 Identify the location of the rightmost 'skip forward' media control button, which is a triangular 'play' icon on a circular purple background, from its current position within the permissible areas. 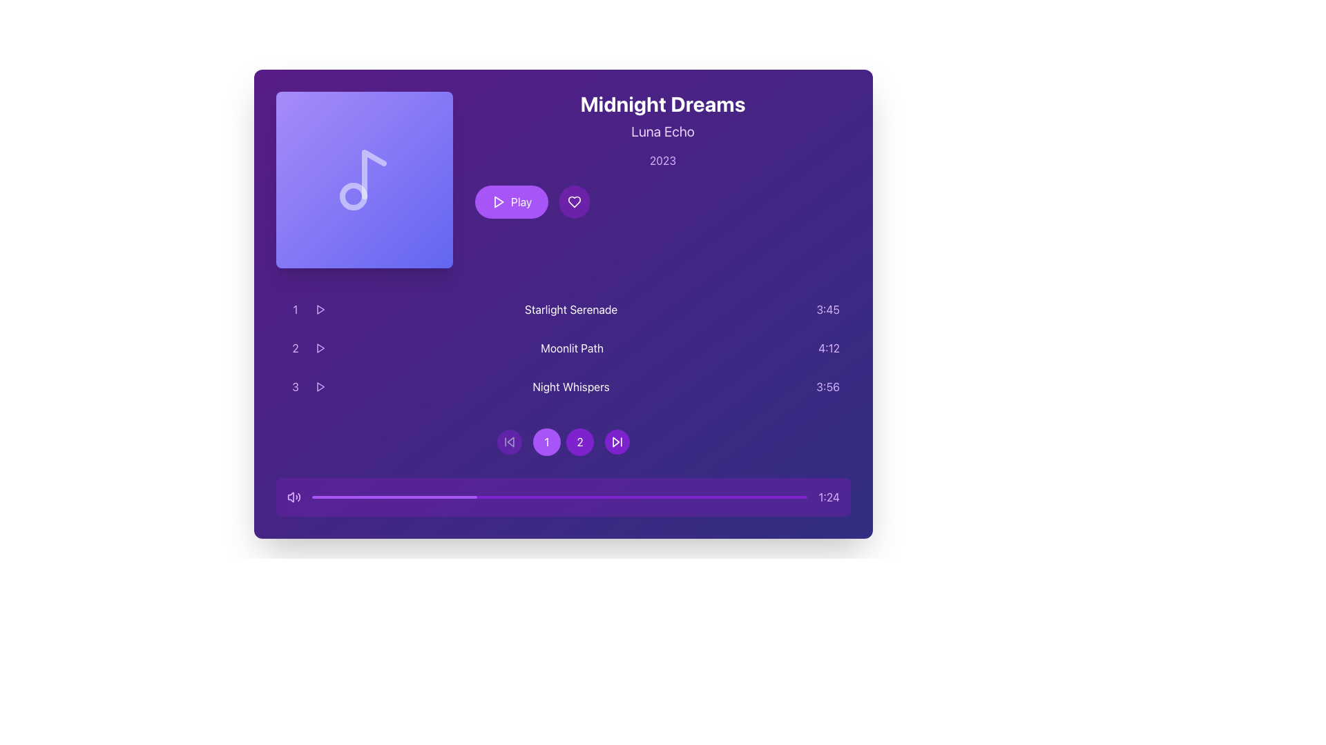
(616, 441).